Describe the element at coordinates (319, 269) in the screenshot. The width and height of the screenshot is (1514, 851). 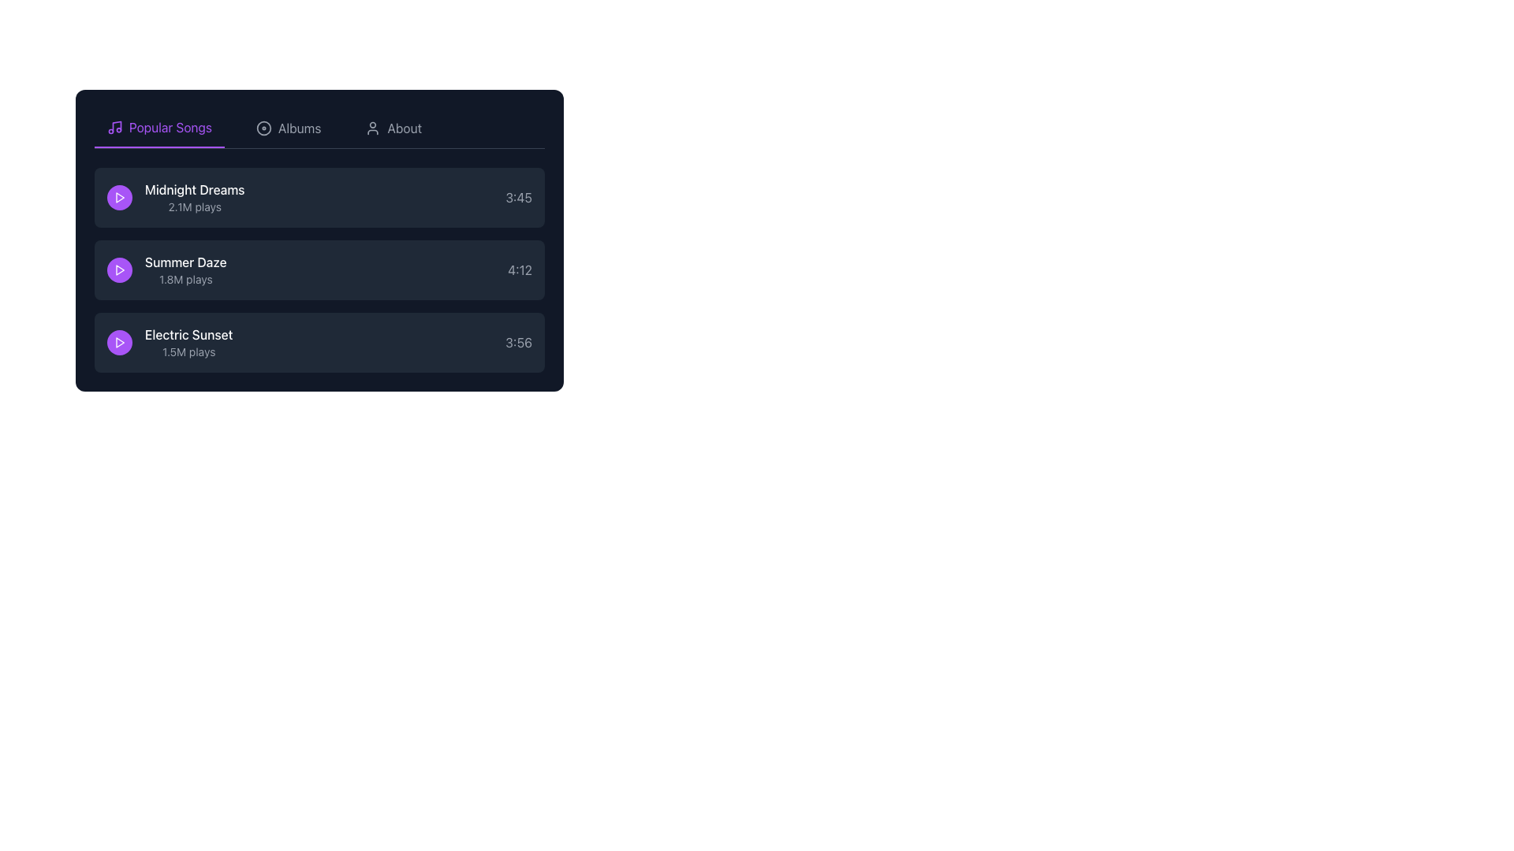
I see `the highlighted middle item in the 'Popular Songs' list` at that location.